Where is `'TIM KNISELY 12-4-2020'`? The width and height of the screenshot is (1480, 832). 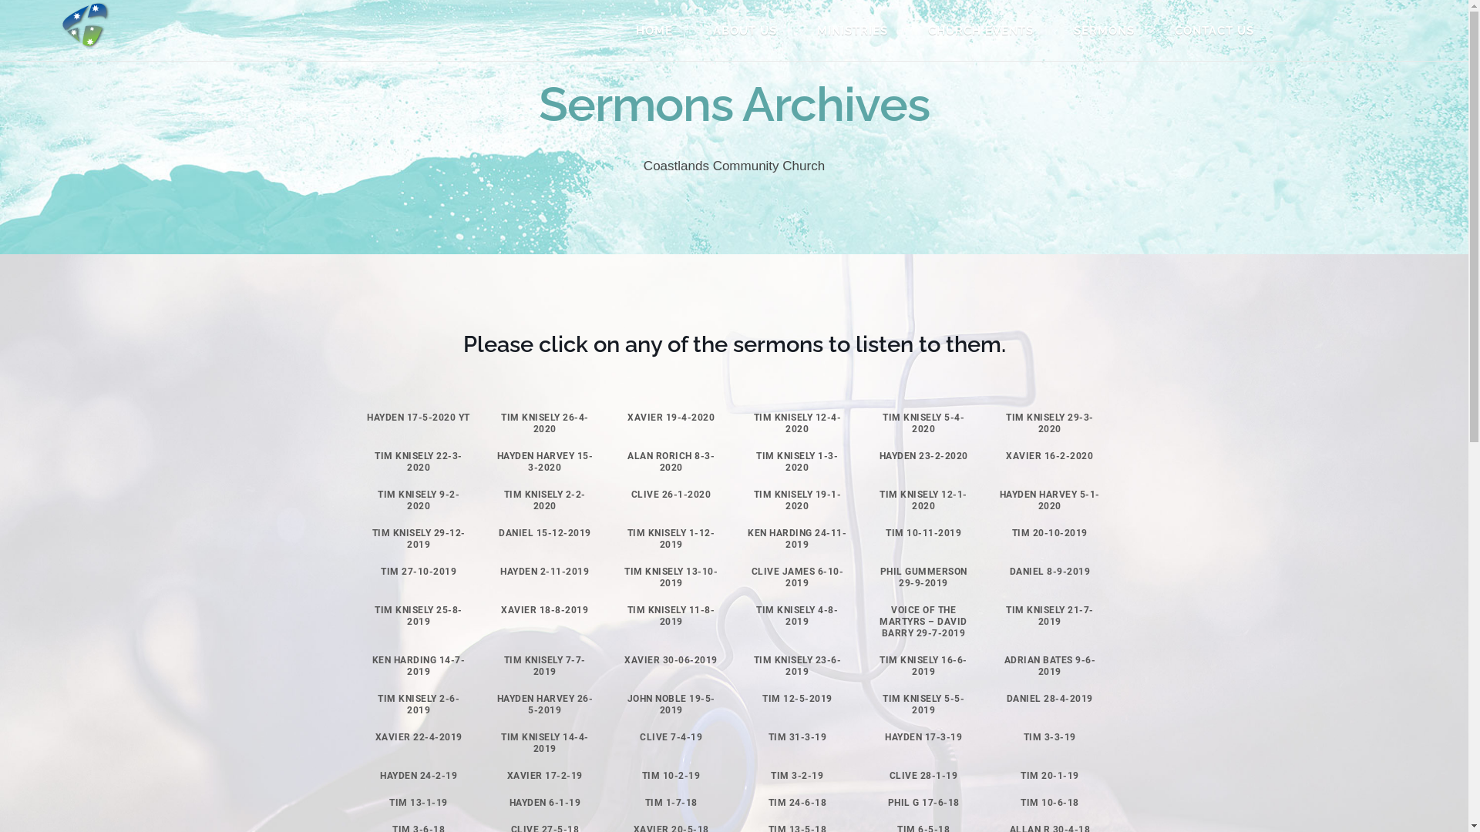
'TIM KNISELY 12-4-2020' is located at coordinates (754, 423).